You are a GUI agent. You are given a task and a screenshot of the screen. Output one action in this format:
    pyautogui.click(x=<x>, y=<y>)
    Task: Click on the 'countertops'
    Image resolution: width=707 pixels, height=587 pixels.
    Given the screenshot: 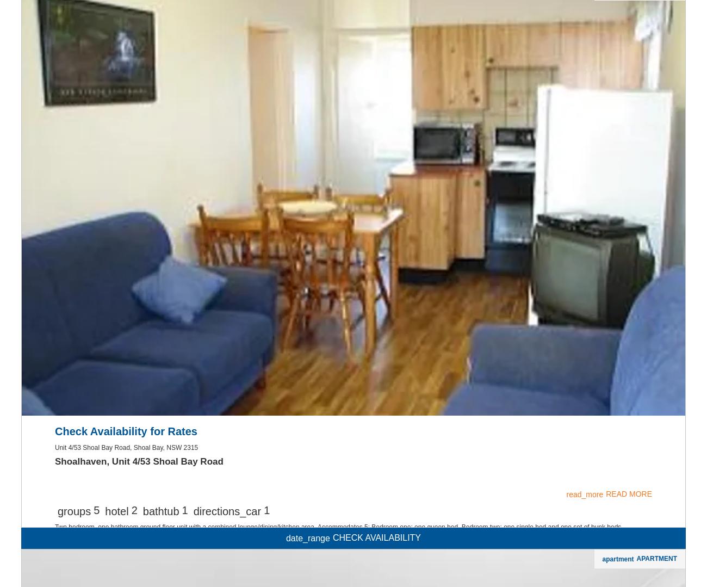 What is the action you would take?
    pyautogui.click(x=353, y=174)
    